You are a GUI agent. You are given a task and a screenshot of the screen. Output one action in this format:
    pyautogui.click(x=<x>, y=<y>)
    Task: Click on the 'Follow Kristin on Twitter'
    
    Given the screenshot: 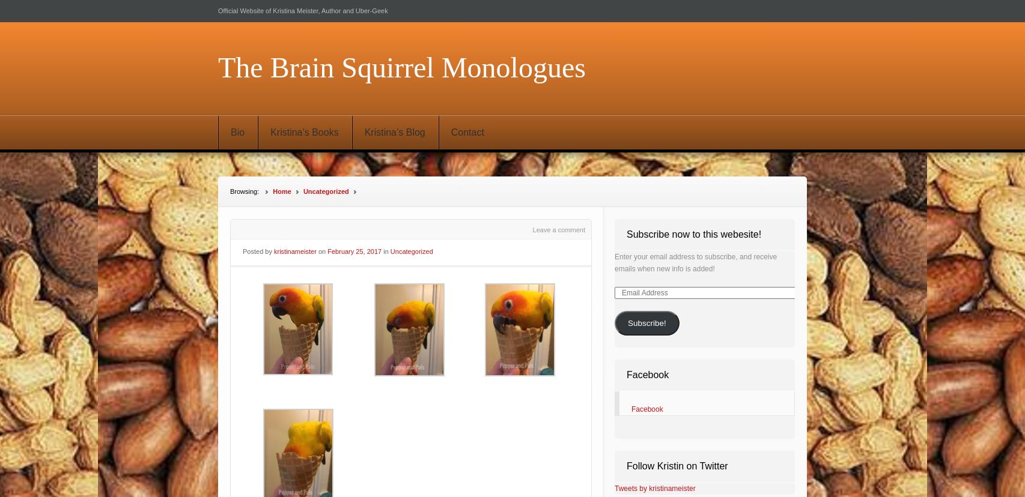 What is the action you would take?
    pyautogui.click(x=677, y=466)
    